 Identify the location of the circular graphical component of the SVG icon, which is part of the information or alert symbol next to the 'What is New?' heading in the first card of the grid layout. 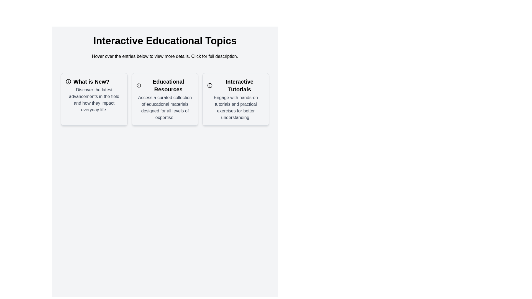
(68, 81).